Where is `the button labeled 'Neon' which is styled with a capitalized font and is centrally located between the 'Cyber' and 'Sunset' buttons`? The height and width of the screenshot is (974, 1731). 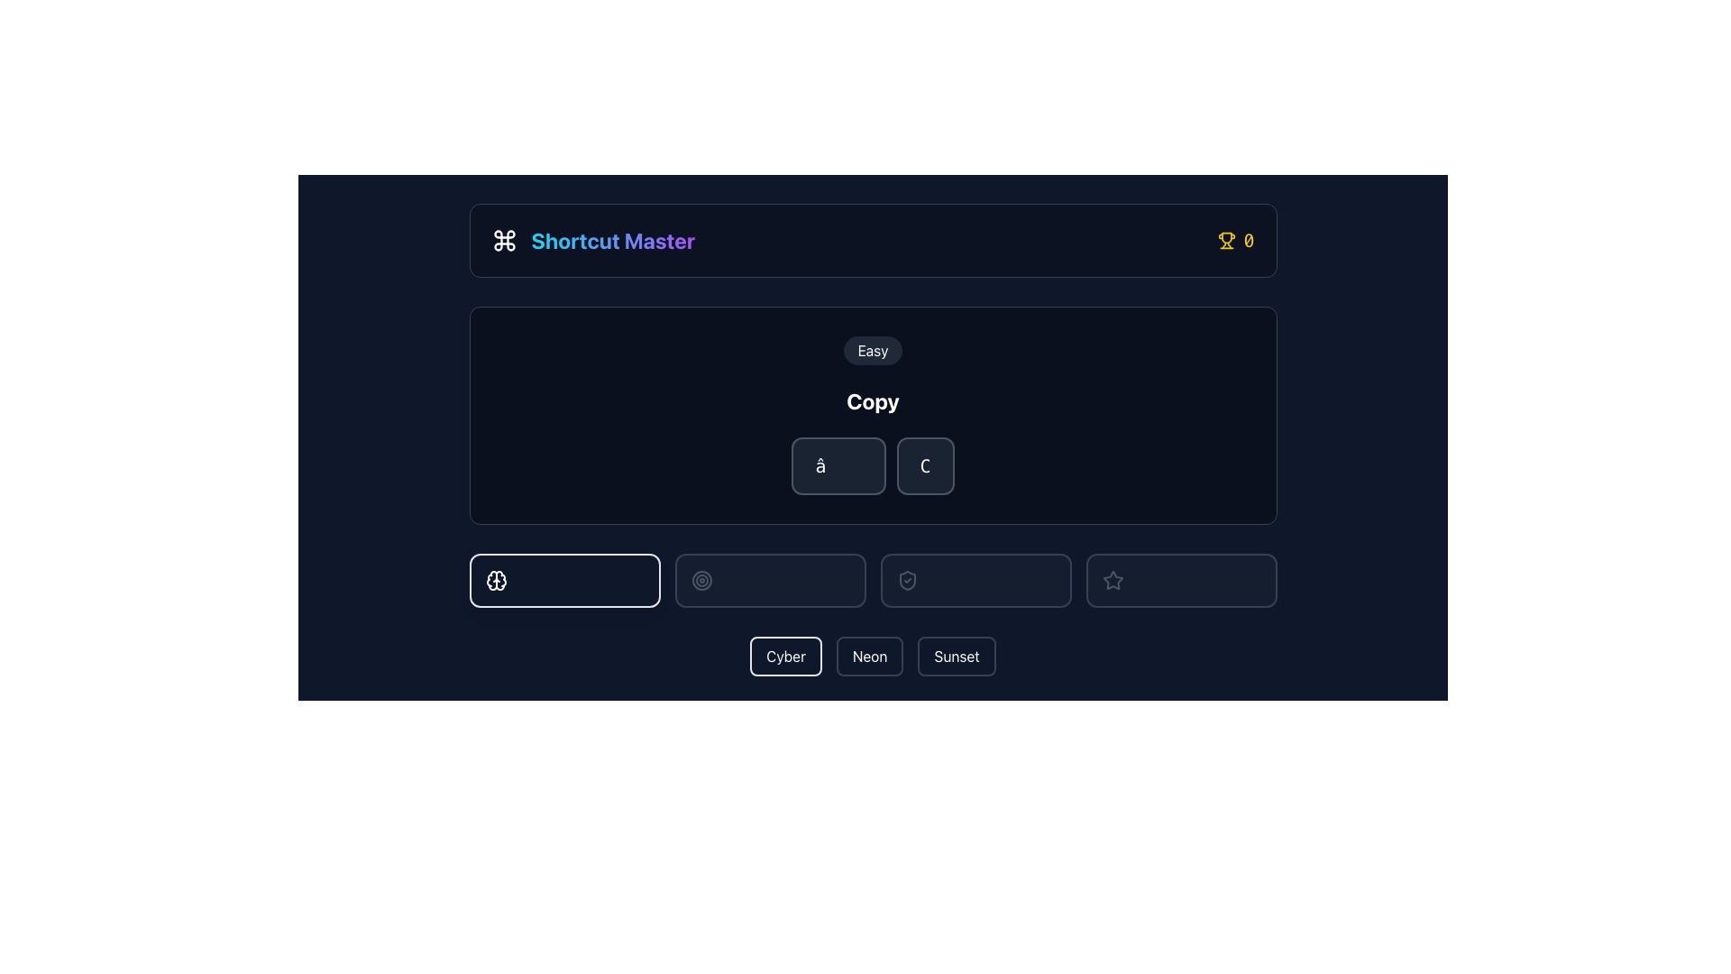 the button labeled 'Neon' which is styled with a capitalized font and is centrally located between the 'Cyber' and 'Sunset' buttons is located at coordinates (870, 657).